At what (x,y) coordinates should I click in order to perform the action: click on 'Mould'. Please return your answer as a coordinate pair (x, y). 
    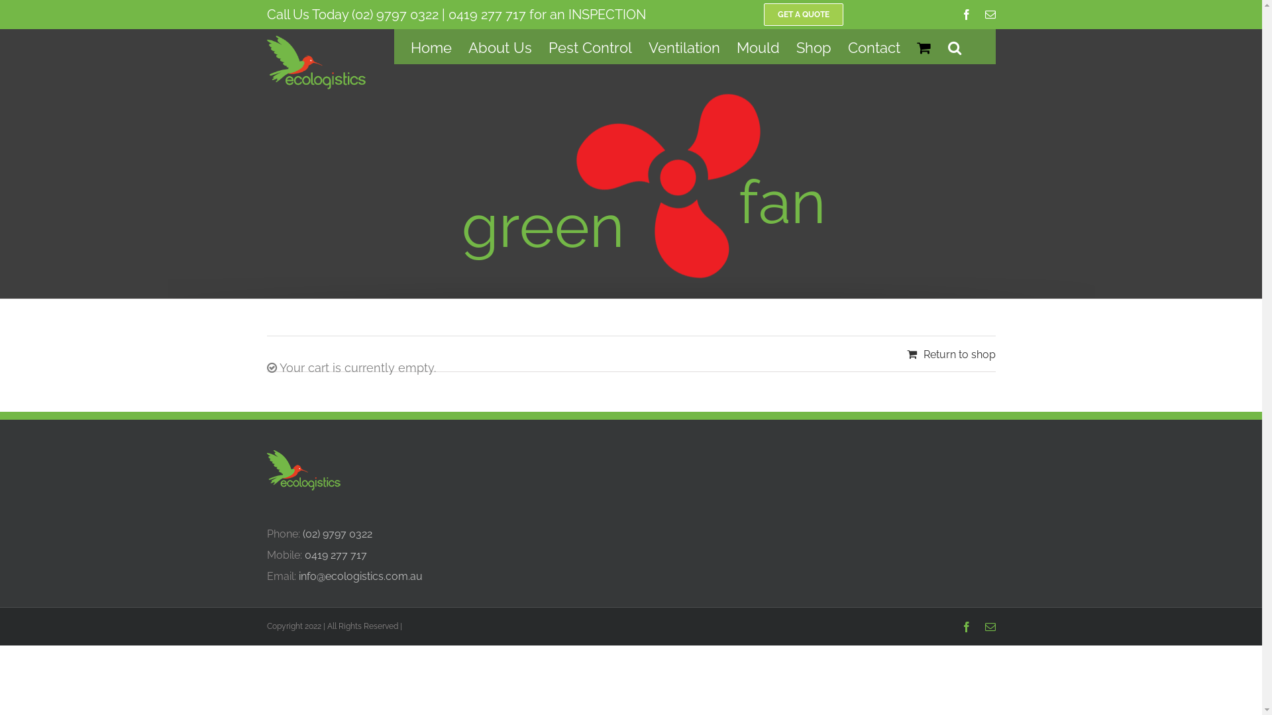
    Looking at the image, I should click on (758, 46).